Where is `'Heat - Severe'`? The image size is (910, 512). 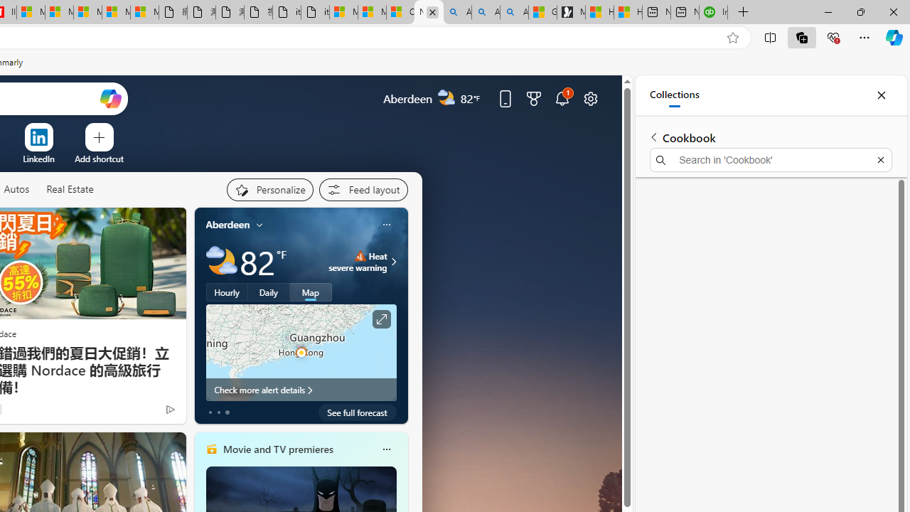 'Heat - Severe' is located at coordinates (360, 256).